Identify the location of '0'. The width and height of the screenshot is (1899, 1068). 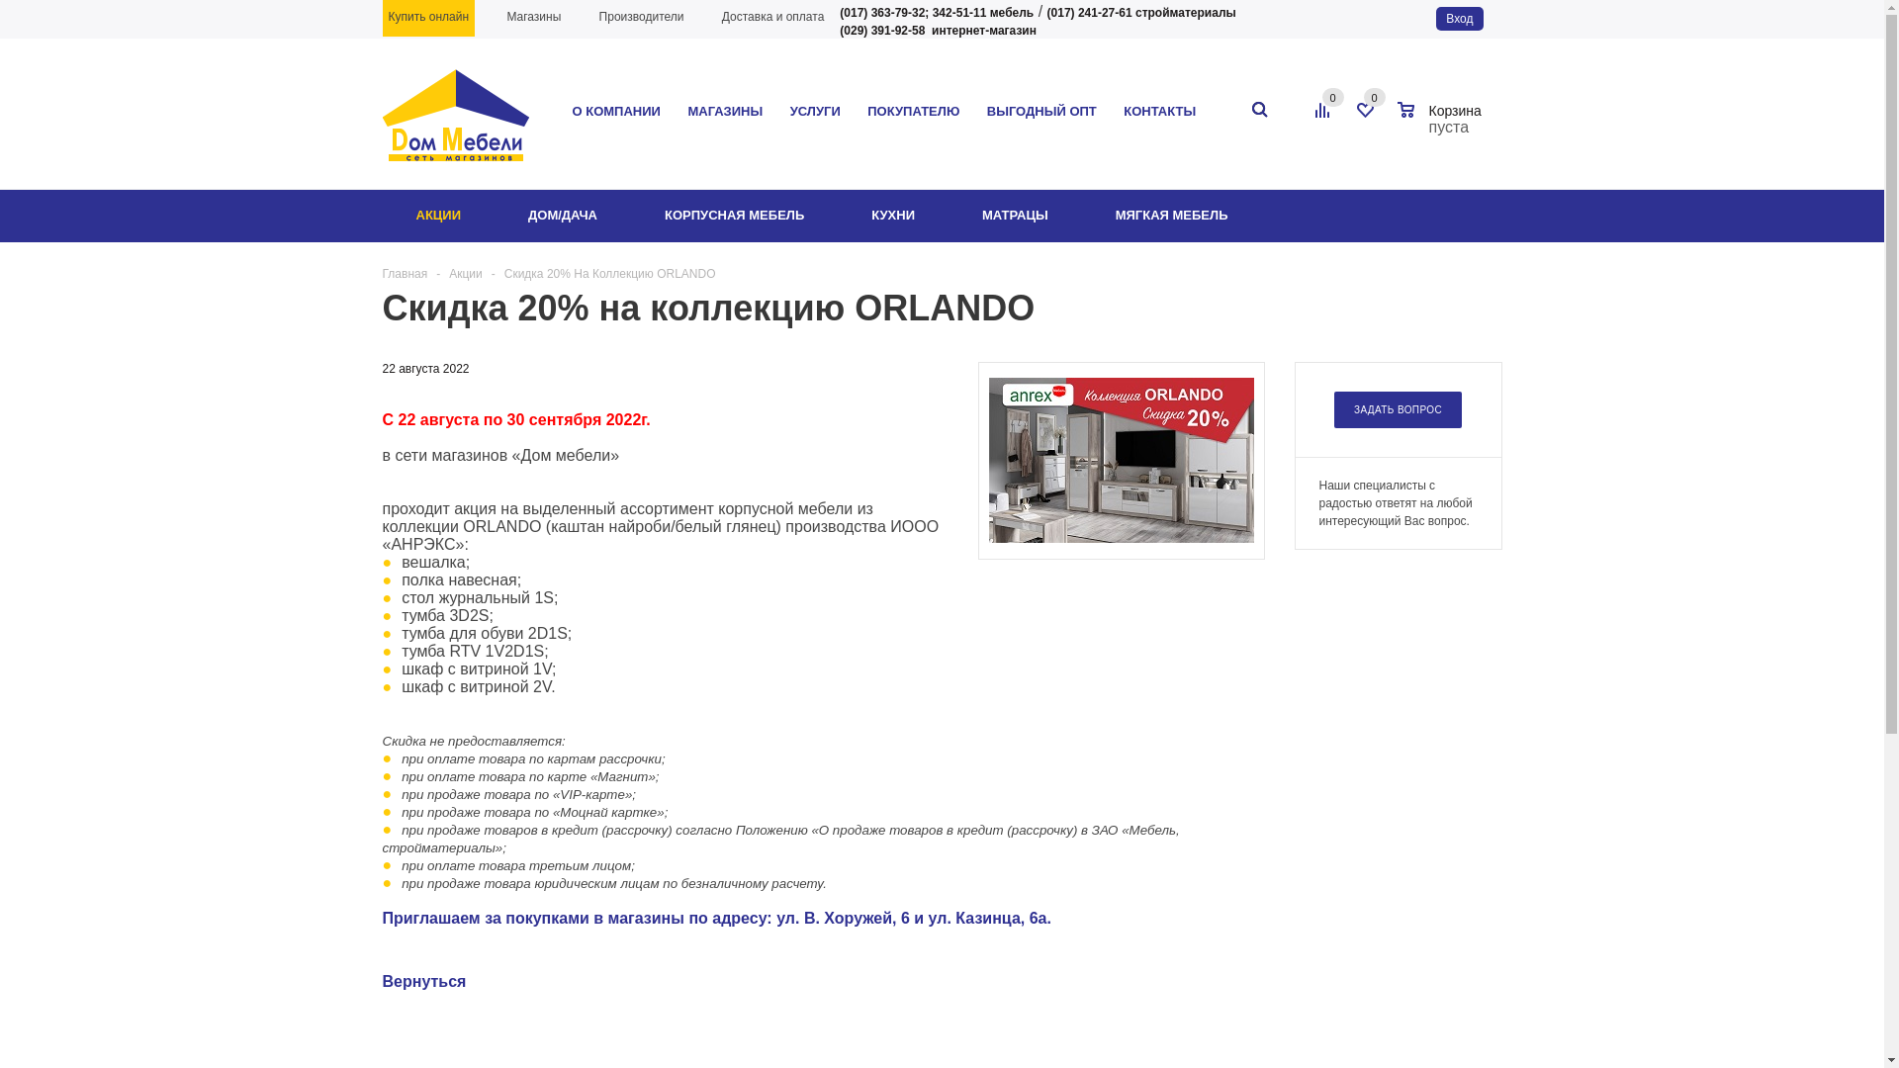
(1332, 96).